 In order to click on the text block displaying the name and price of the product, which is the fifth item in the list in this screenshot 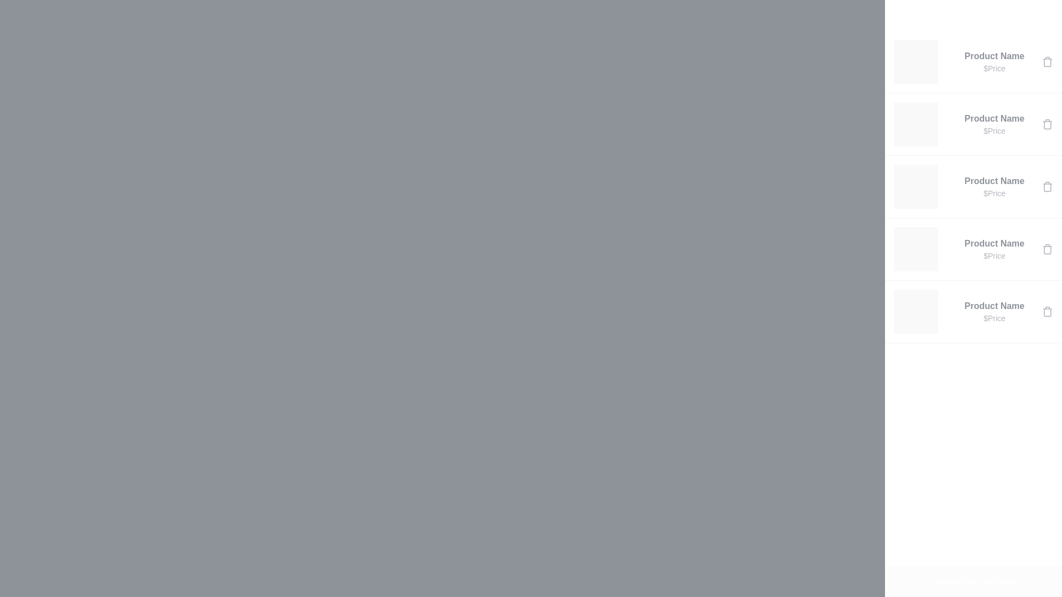, I will do `click(995, 311)`.